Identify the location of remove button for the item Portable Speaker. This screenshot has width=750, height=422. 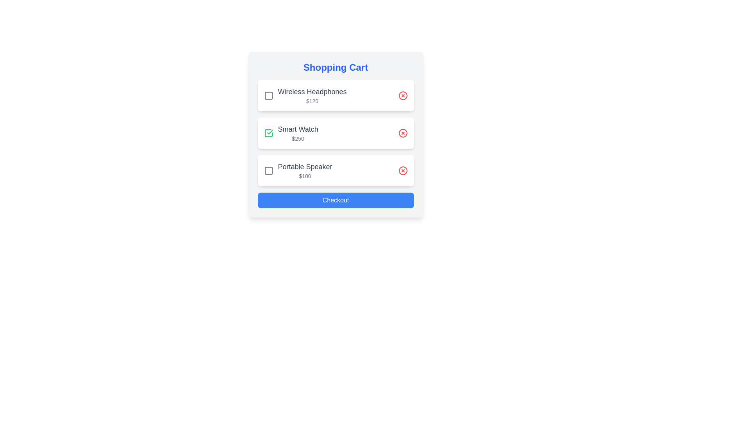
(403, 170).